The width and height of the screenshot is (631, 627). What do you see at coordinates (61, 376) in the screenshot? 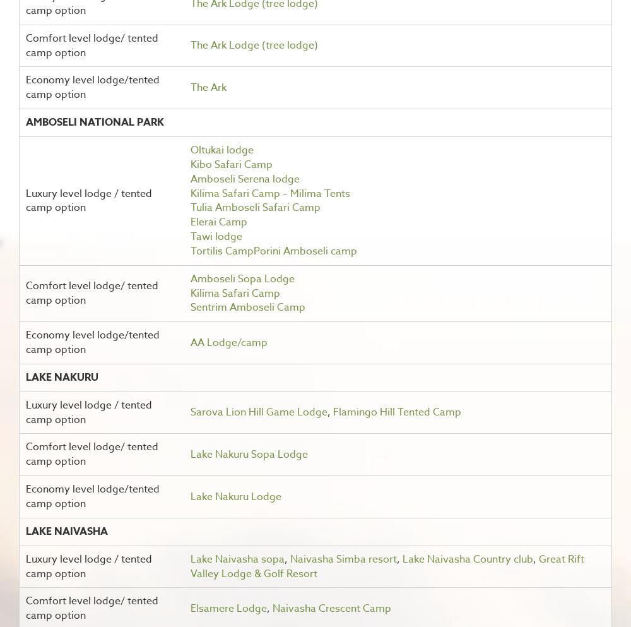
I see `'Lake Nakuru'` at bounding box center [61, 376].